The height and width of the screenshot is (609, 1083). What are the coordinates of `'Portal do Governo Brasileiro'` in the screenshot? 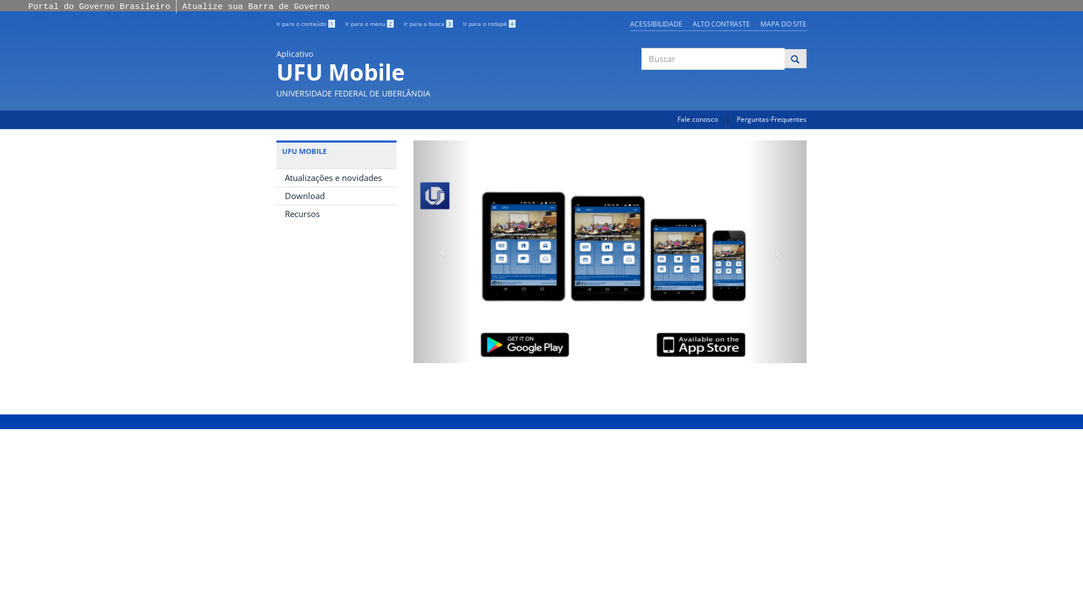 It's located at (99, 7).